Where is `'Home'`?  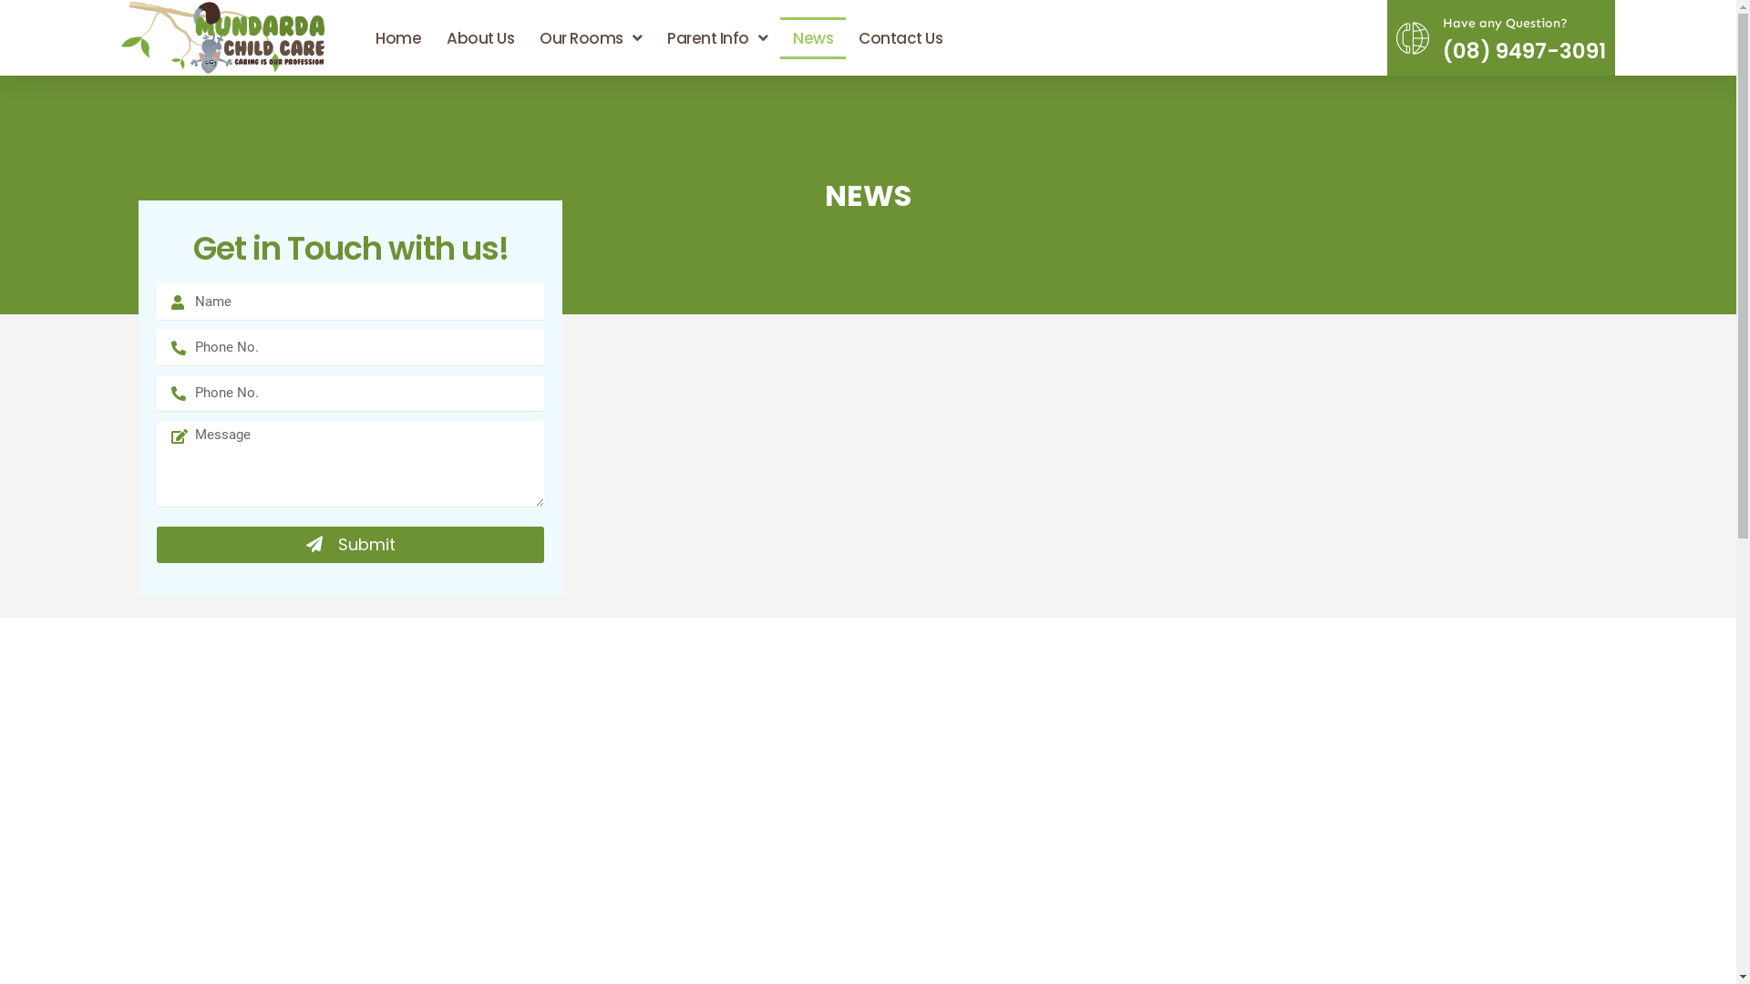 'Home' is located at coordinates (363, 38).